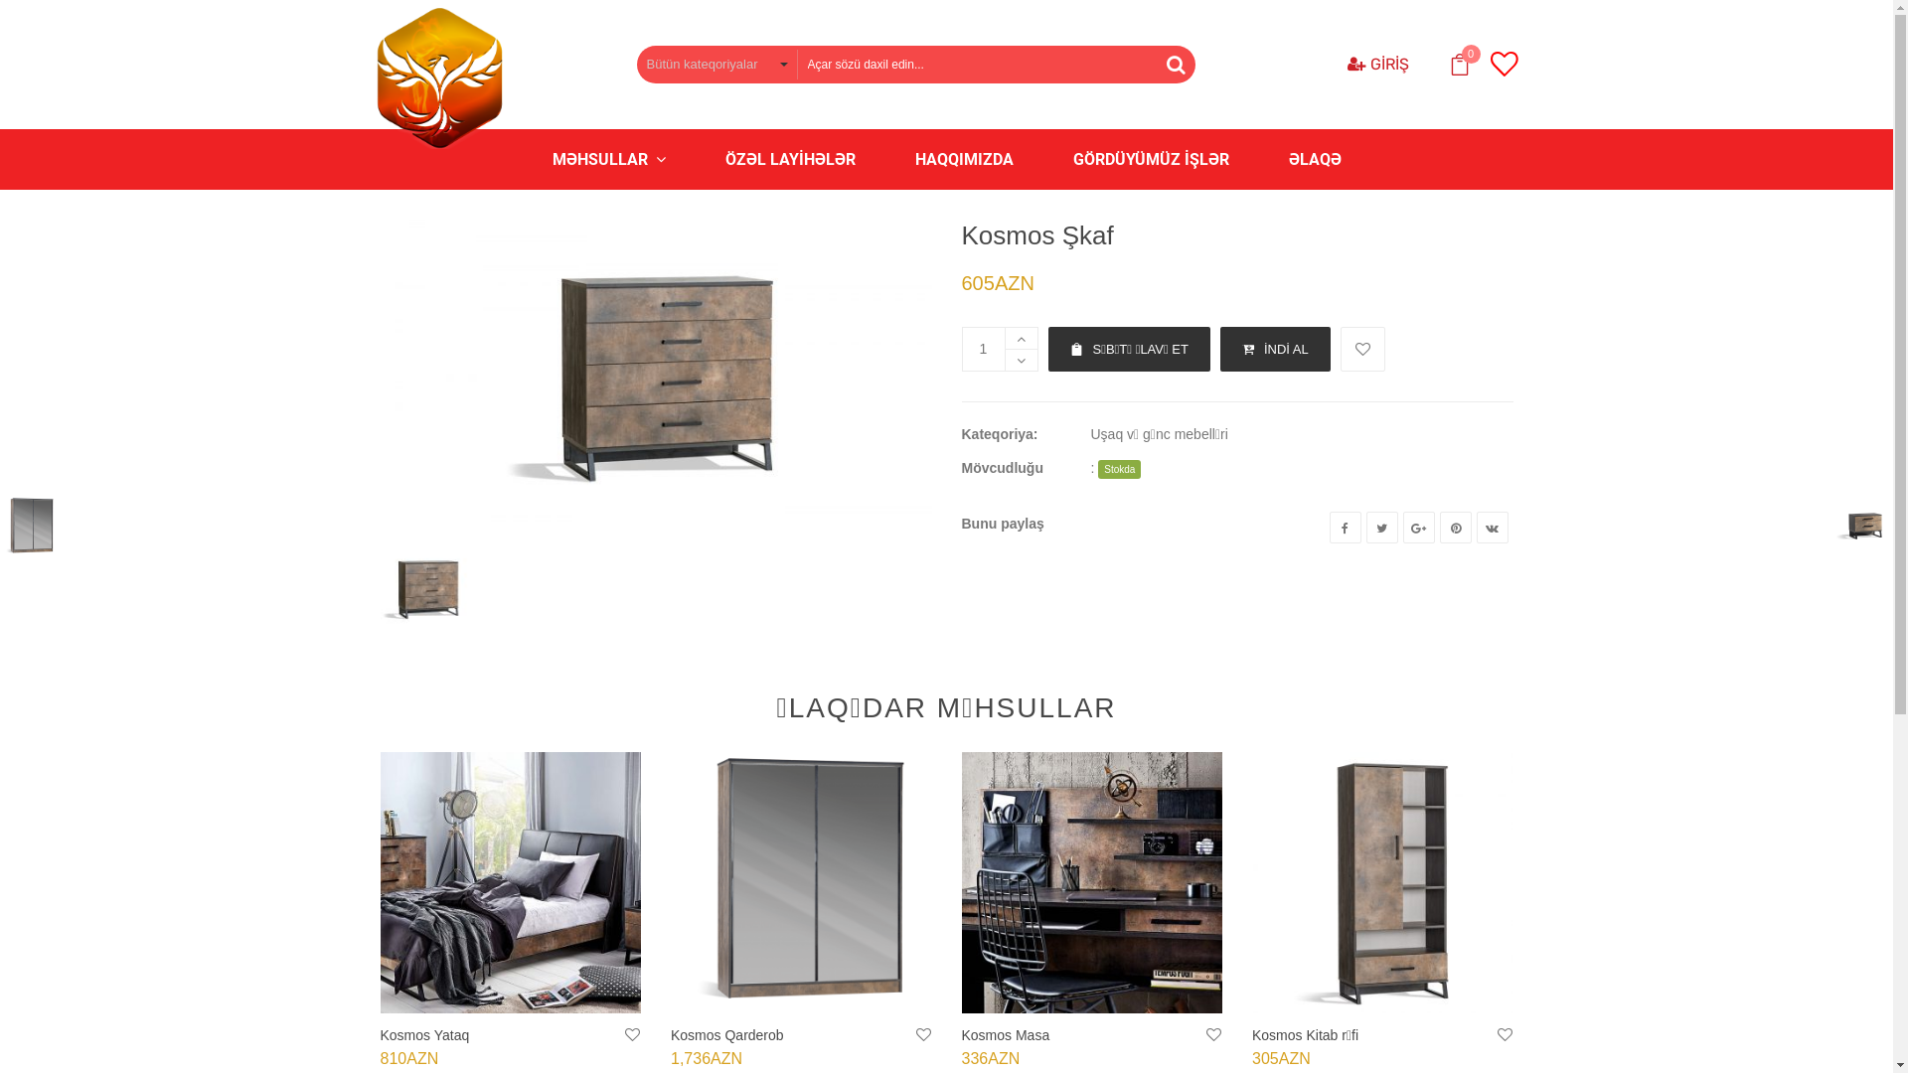  I want to click on 'HAQQIMIZDA', so click(963, 158).